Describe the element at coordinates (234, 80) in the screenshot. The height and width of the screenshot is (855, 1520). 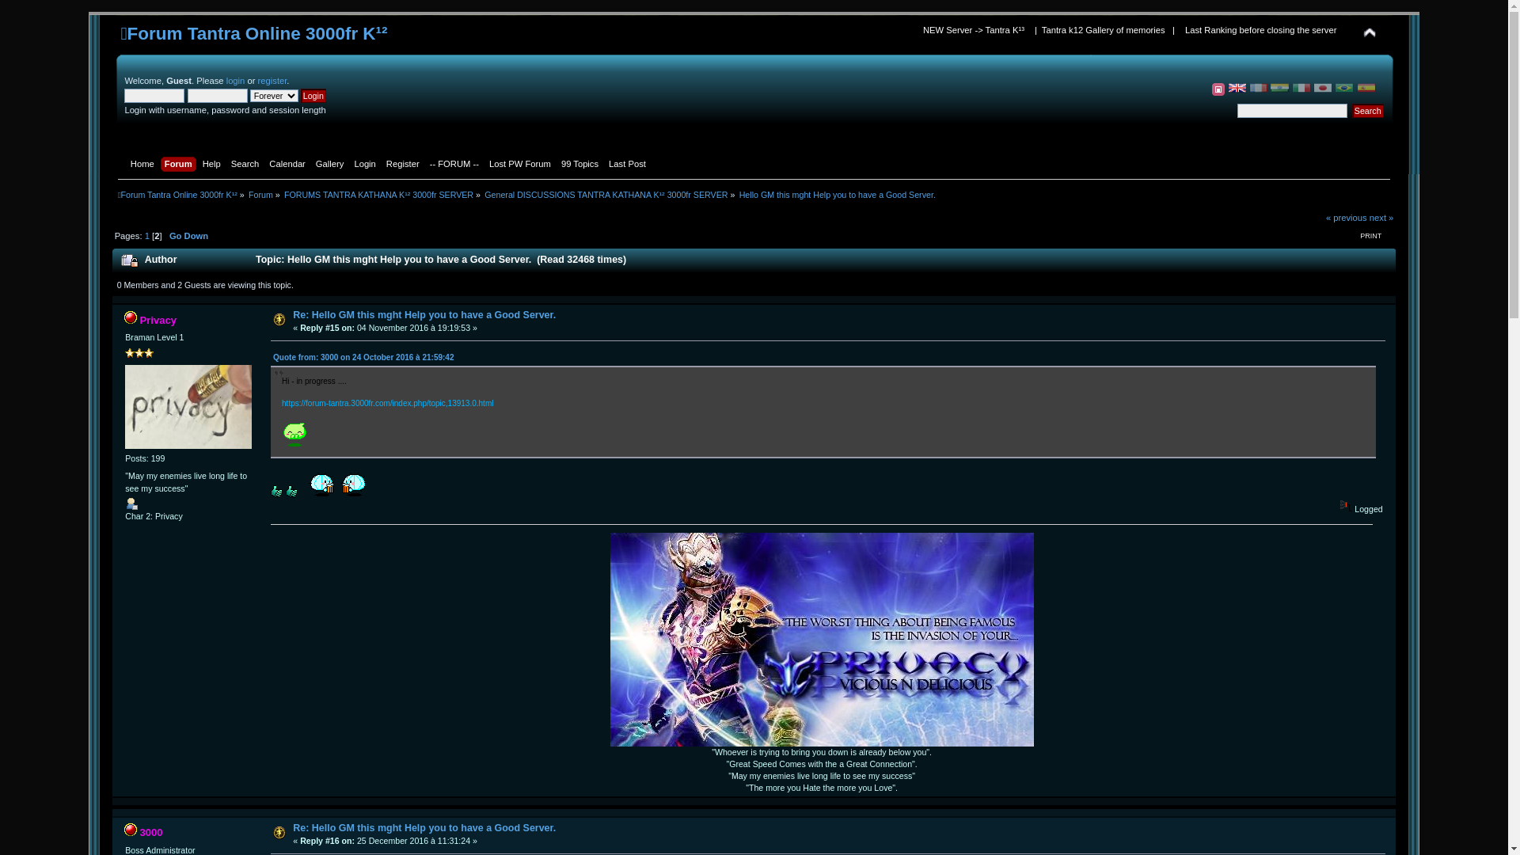
I see `'login'` at that location.